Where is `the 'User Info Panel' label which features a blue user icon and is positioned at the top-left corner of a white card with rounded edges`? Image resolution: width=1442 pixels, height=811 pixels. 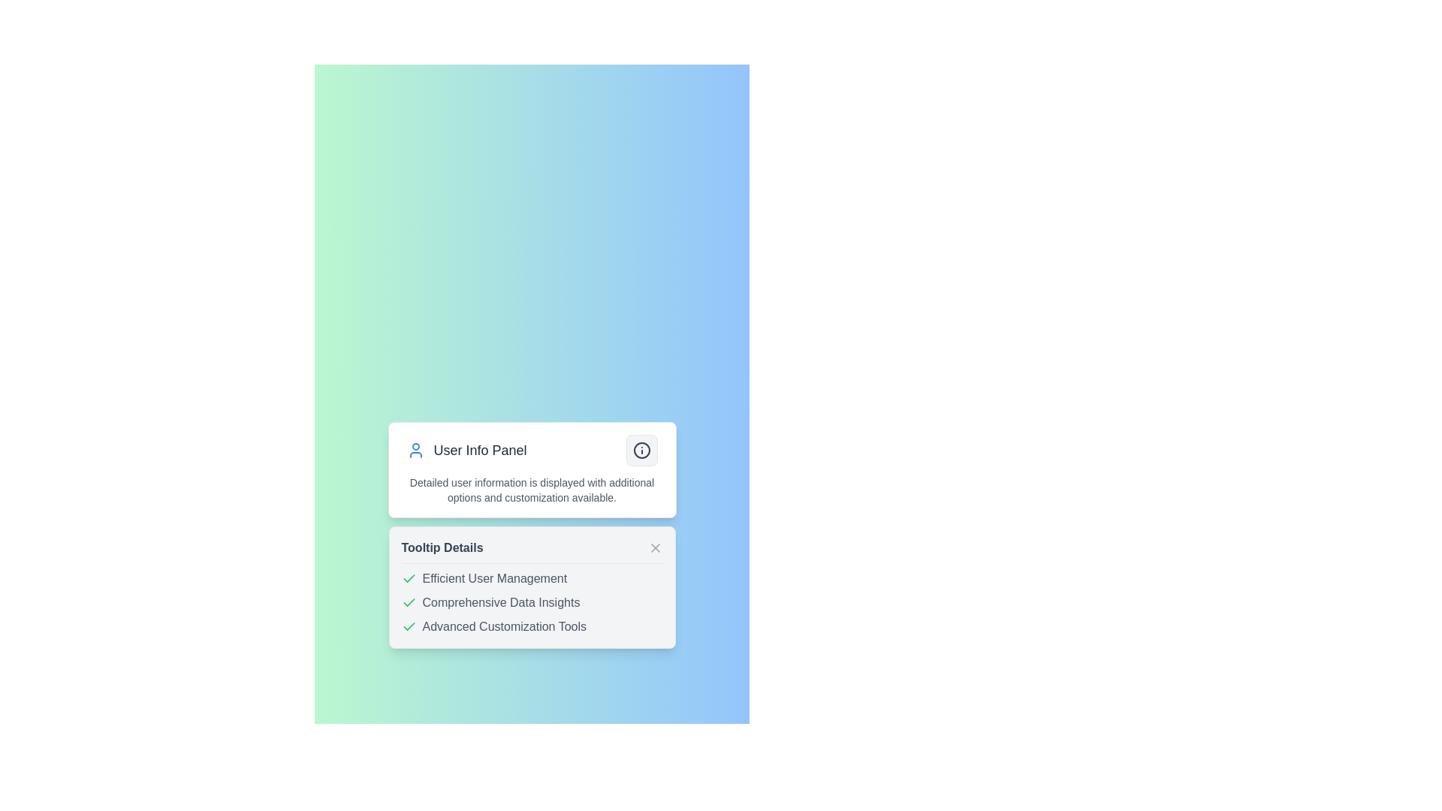 the 'User Info Panel' label which features a blue user icon and is positioned at the top-left corner of a white card with rounded edges is located at coordinates (466, 450).